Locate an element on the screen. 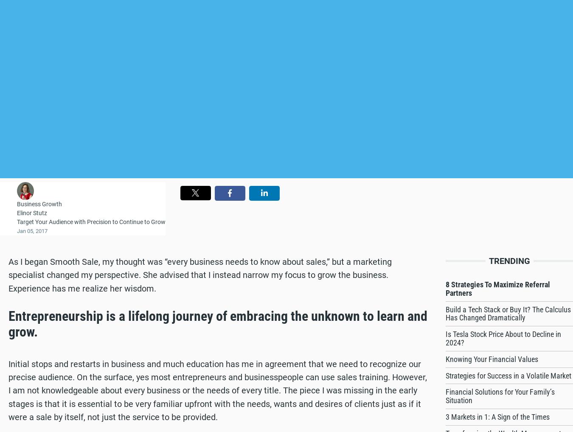 This screenshot has height=432, width=573. 'Strategies for Success in a Volatile Market' is located at coordinates (508, 375).